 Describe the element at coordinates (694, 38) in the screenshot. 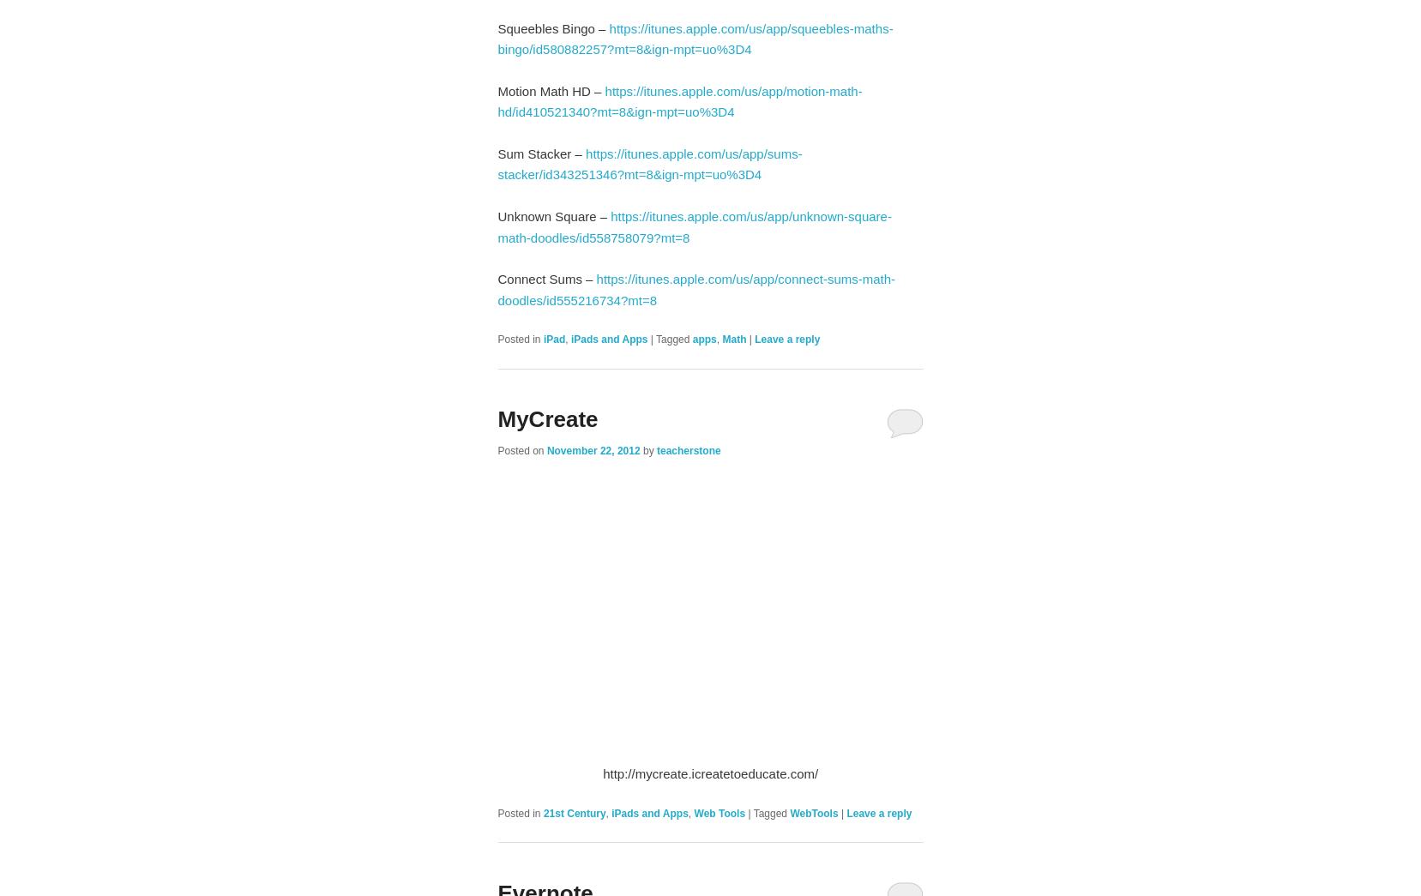

I see `'https://itunes.apple.com/us/app/squeebles-maths-bingo/id580882257?mt=8&ign-mpt=uo%3D4'` at that location.